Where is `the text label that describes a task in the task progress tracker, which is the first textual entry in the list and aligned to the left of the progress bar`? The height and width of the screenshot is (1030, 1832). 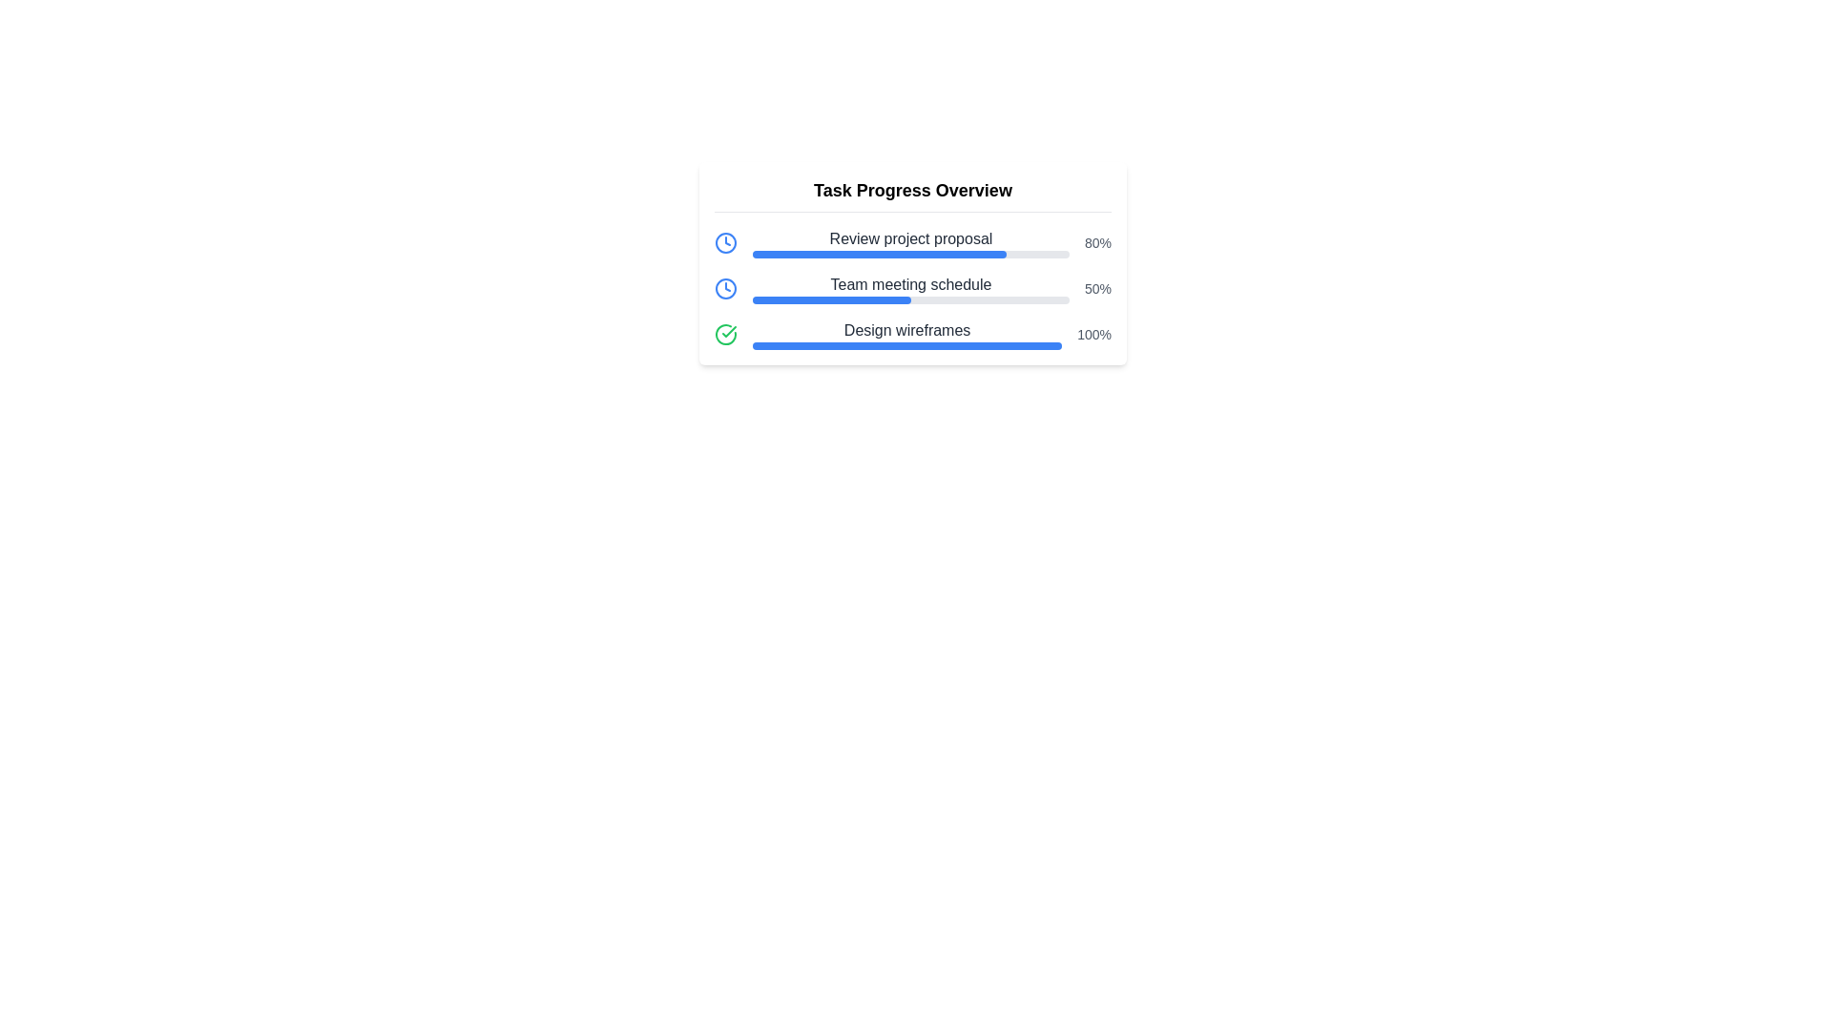
the text label that describes a task in the task progress tracker, which is the first textual entry in the list and aligned to the left of the progress bar is located at coordinates (910, 237).